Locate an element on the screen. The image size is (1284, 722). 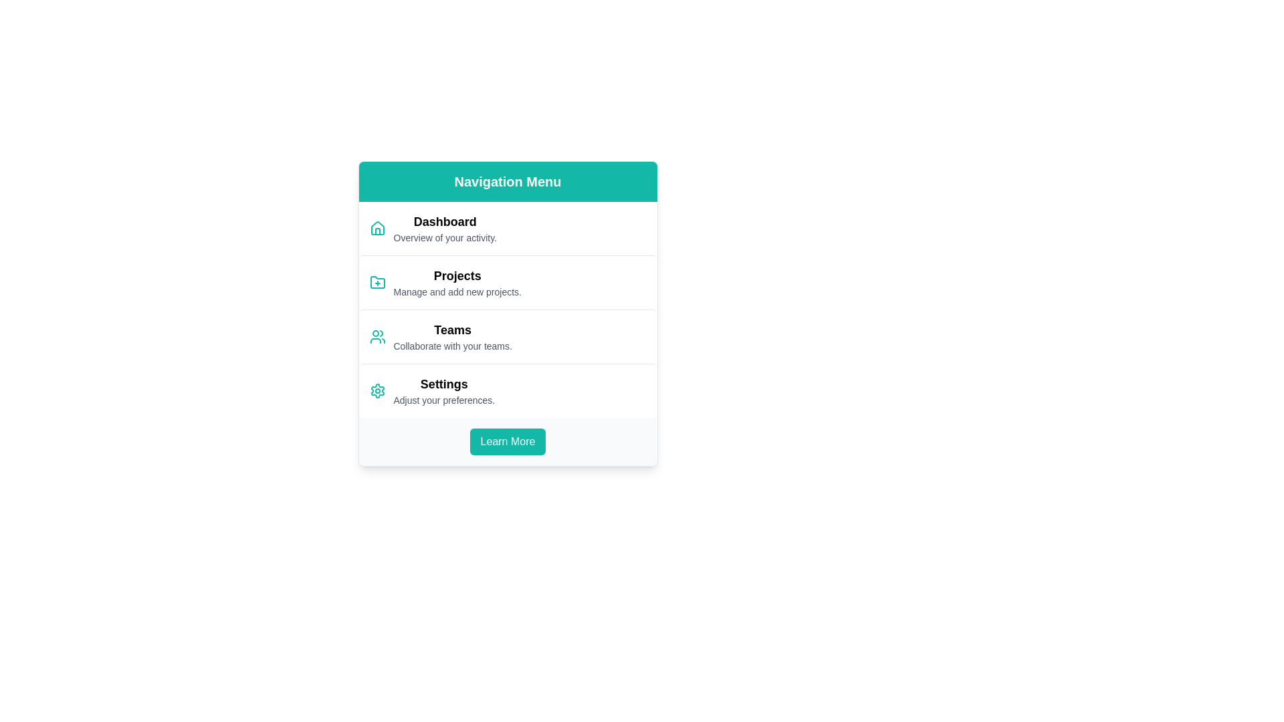
the 'Dashboard' icon located to the left of the 'Dashboard' text and above the description 'Overview of your activity' in the navigation menu is located at coordinates (377, 228).